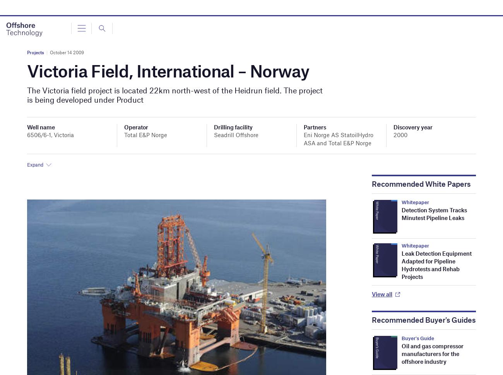  What do you see at coordinates (21, 90) in the screenshot?
I see `'Patents'` at bounding box center [21, 90].